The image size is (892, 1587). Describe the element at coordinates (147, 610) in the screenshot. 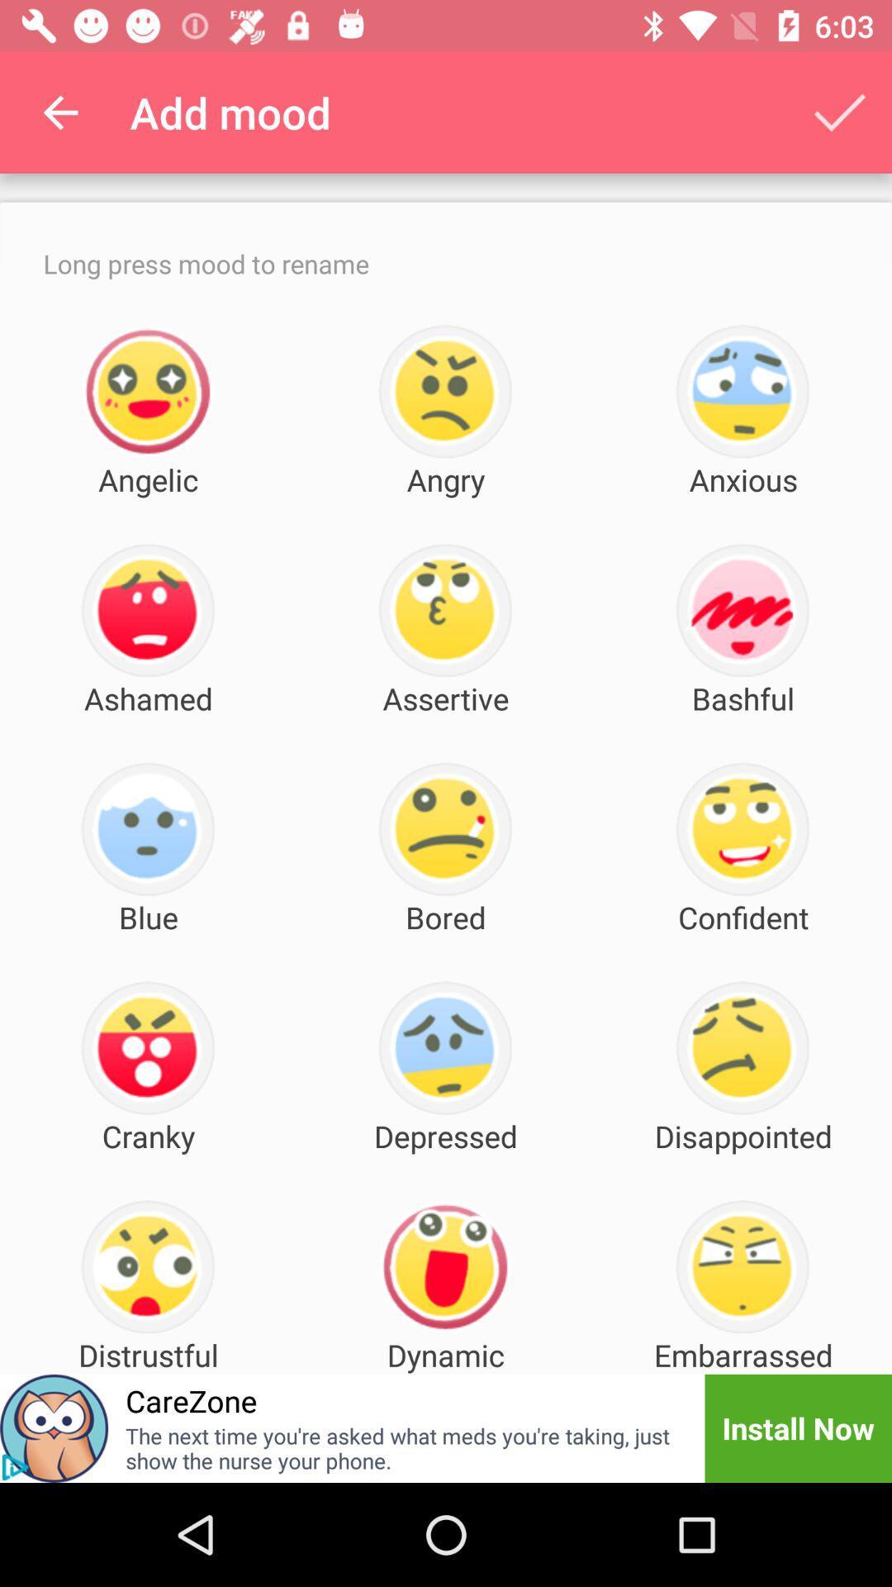

I see `the ashamed emoji` at that location.